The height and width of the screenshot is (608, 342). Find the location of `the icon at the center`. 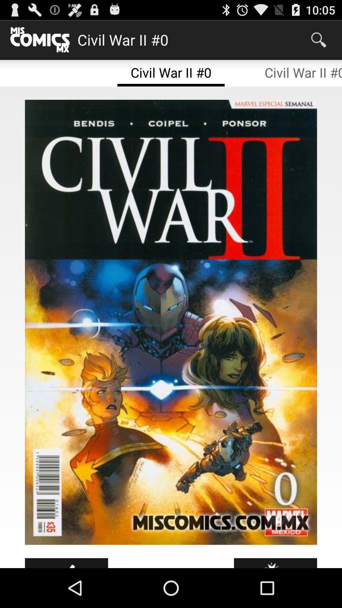

the icon at the center is located at coordinates (171, 322).